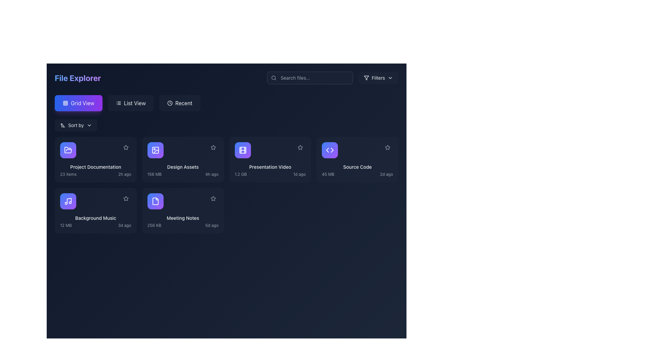 The image size is (645, 363). Describe the element at coordinates (155, 150) in the screenshot. I see `the 'Design Assets' icon located in the top-right quadrant of the file explorer interface` at that location.